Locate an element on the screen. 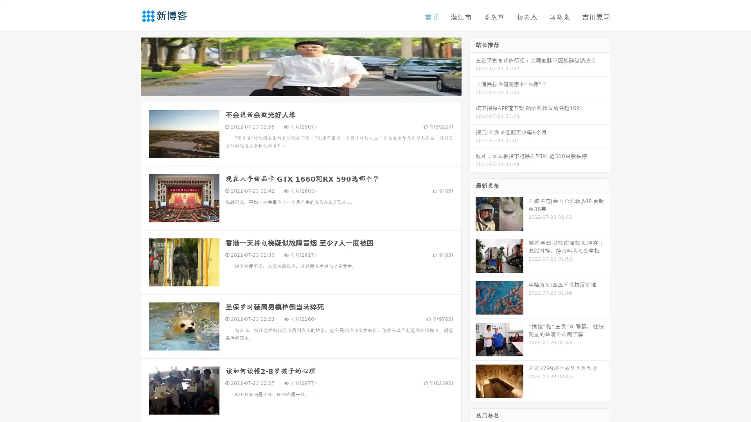 The height and width of the screenshot is (422, 751). Go to slide 3 is located at coordinates (309, 88).